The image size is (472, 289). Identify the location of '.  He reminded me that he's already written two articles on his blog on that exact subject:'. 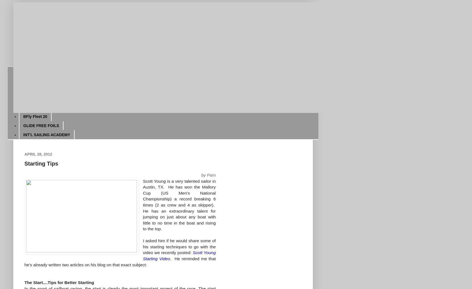
(24, 261).